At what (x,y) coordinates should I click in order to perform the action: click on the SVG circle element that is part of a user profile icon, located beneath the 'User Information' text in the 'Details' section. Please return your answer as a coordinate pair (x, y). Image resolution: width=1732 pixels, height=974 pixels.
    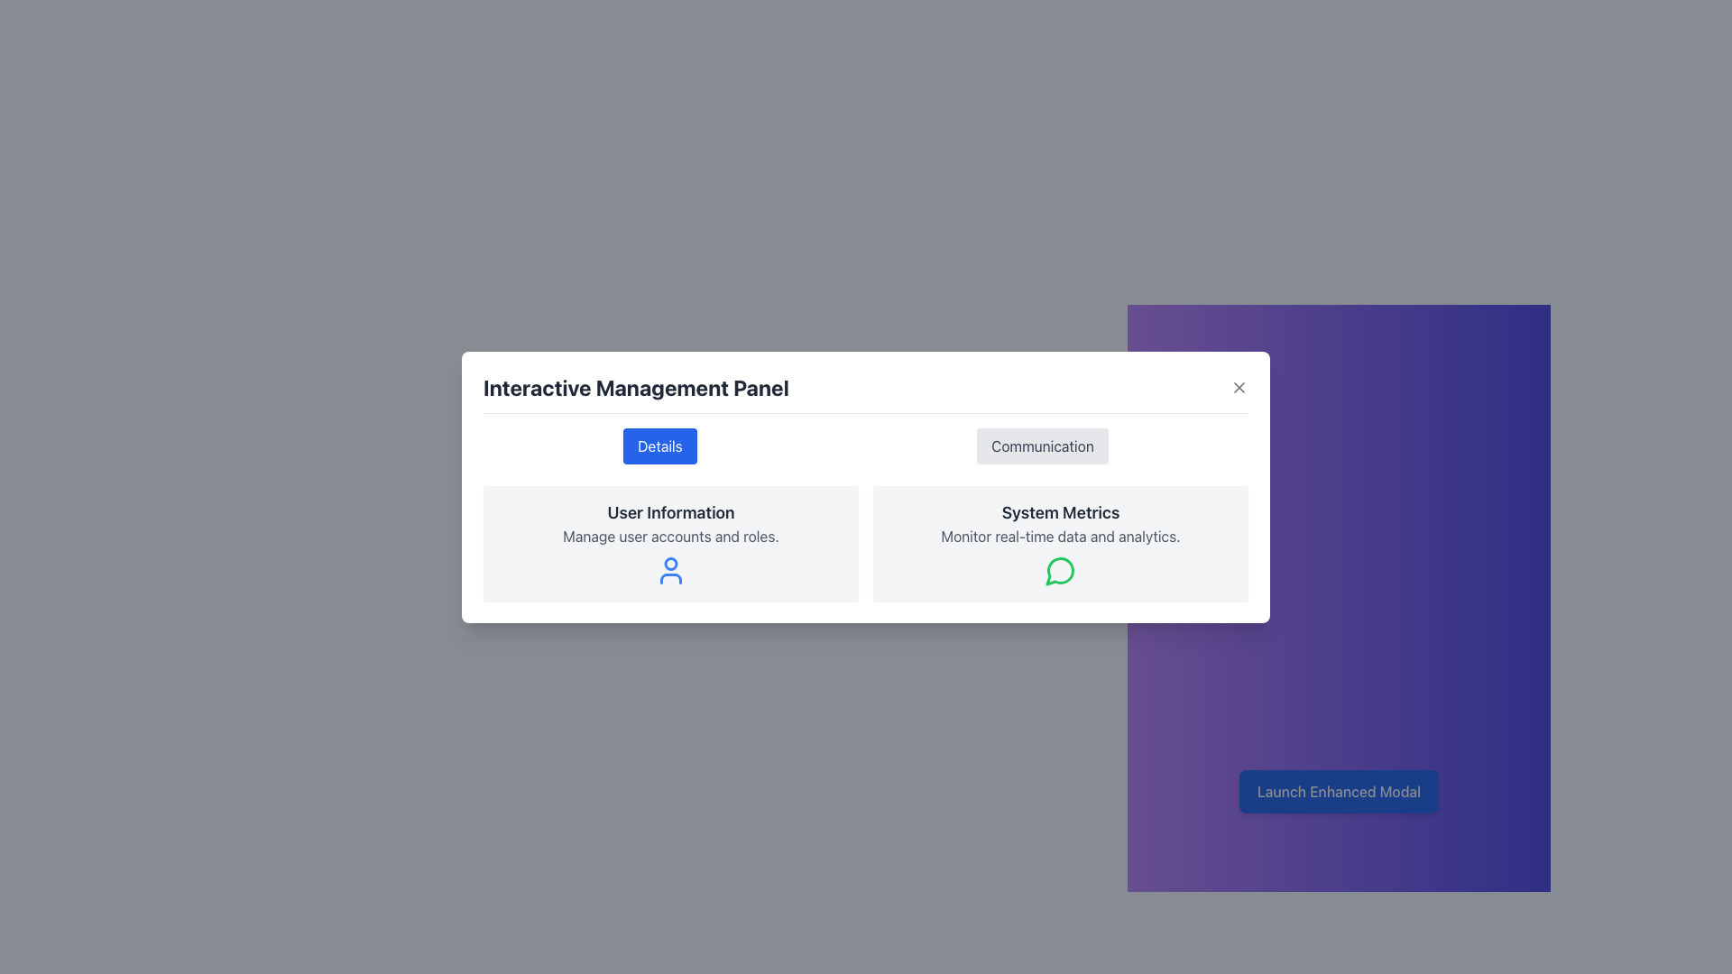
    Looking at the image, I should click on (670, 562).